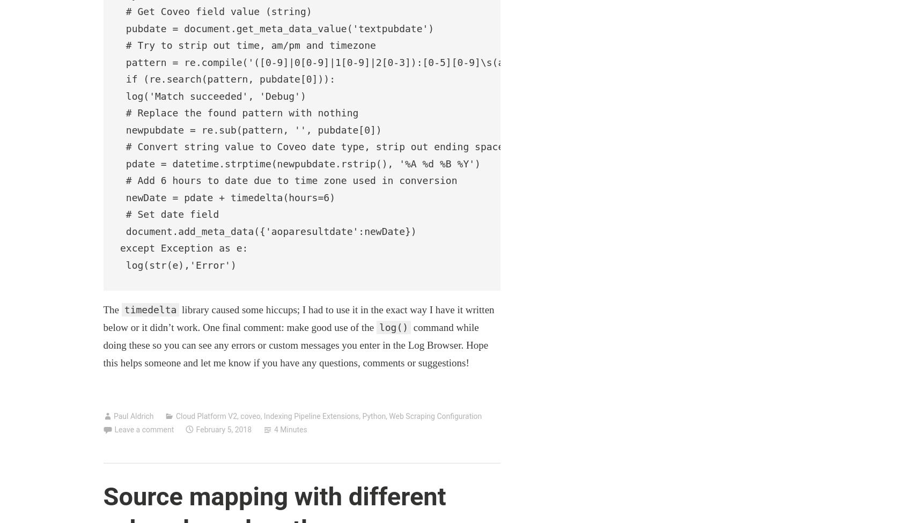 The height and width of the screenshot is (523, 913). I want to click on 'library caused some hiccups; I had to use it in the exact way I have it written below or it didn’t work. One final comment: make good use of the', so click(298, 318).